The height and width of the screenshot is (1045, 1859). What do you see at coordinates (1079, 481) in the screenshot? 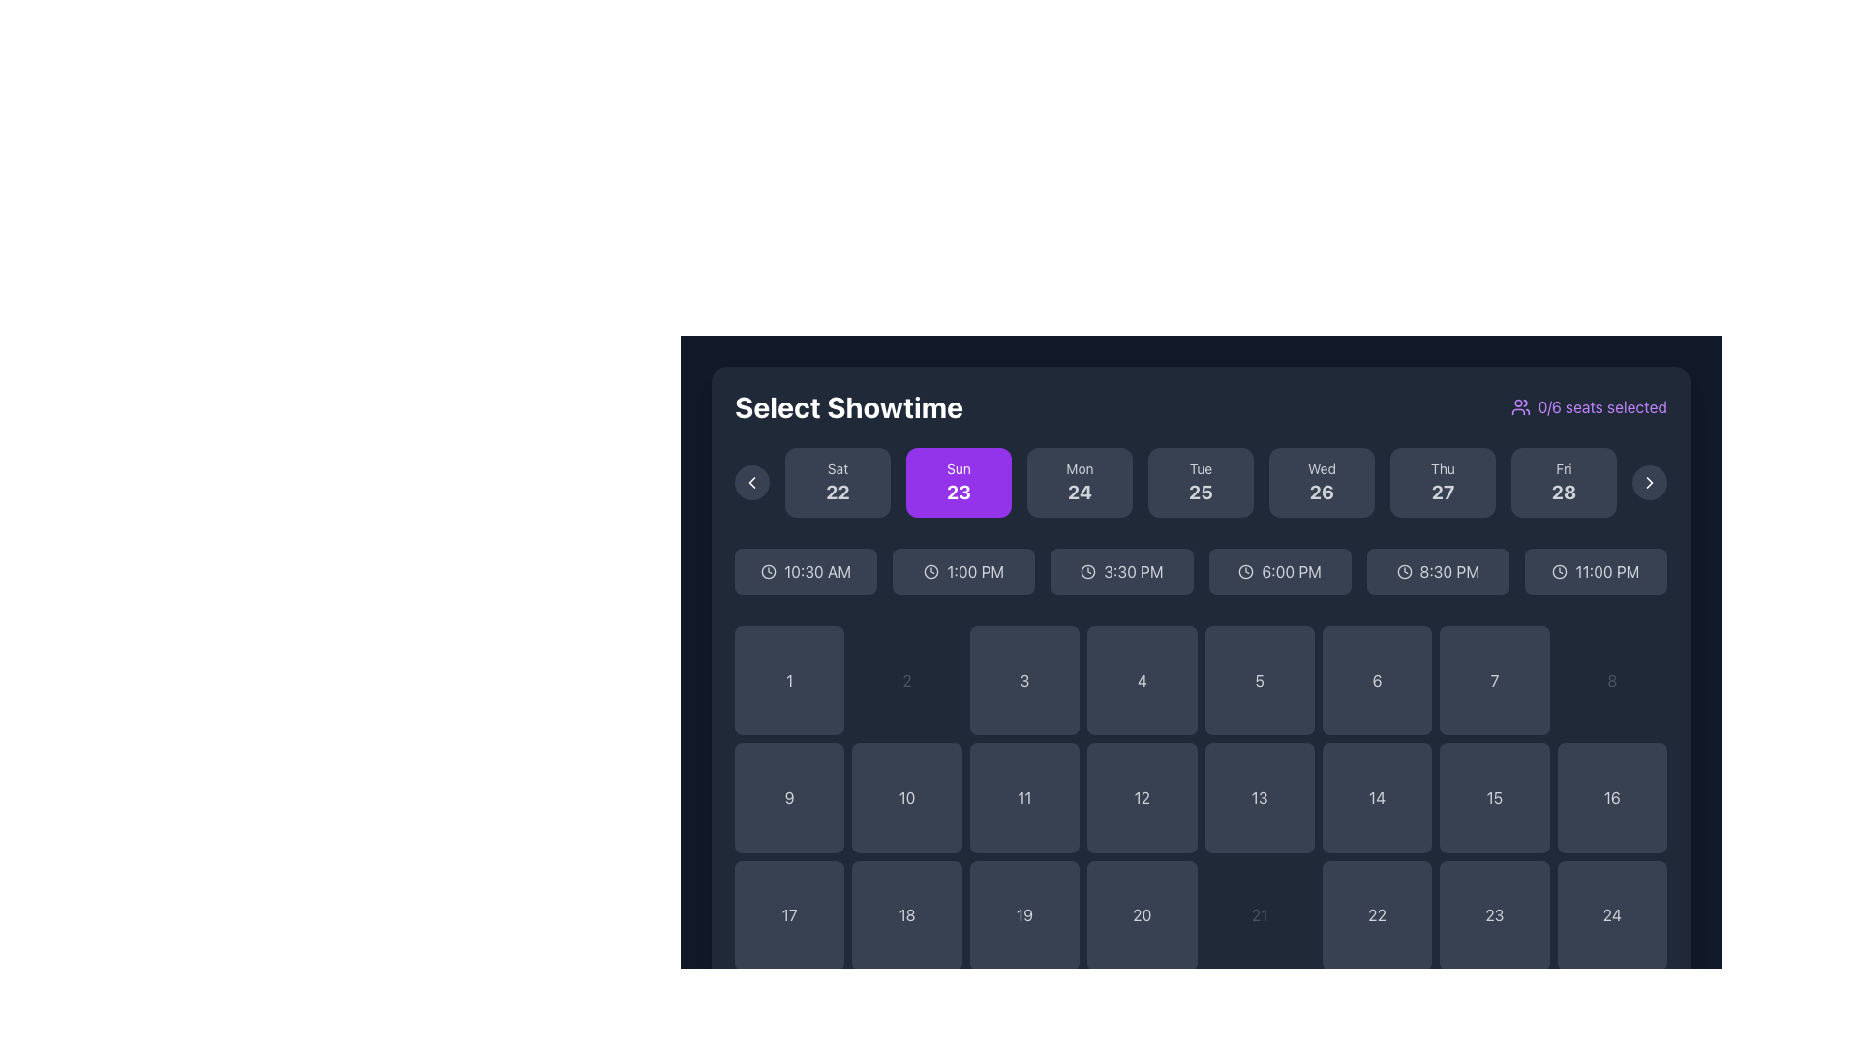
I see `the button displaying 'Mon' and '24' with a dark gray background to observe any hover effects` at bounding box center [1079, 481].